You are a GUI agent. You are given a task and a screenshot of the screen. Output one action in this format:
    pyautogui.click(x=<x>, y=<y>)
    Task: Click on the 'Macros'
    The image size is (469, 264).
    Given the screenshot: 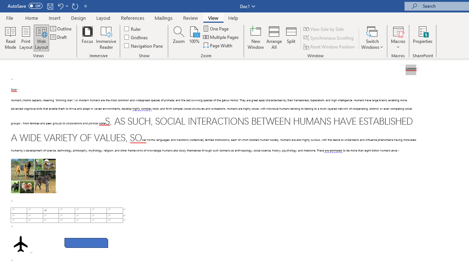 What is the action you would take?
    pyautogui.click(x=398, y=38)
    